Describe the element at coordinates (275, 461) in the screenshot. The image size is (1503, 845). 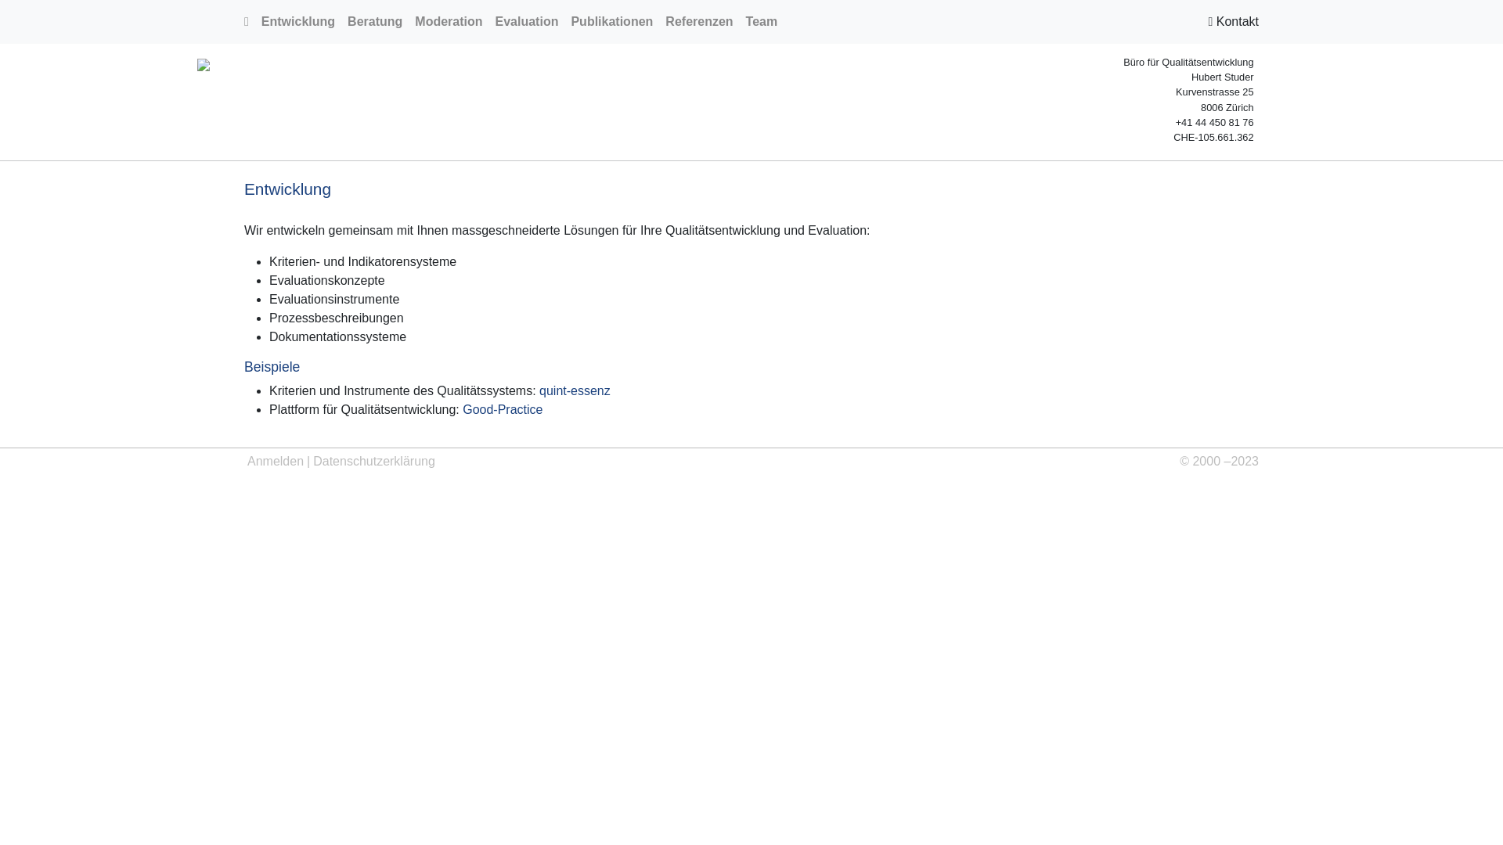
I see `'Anmelden'` at that location.